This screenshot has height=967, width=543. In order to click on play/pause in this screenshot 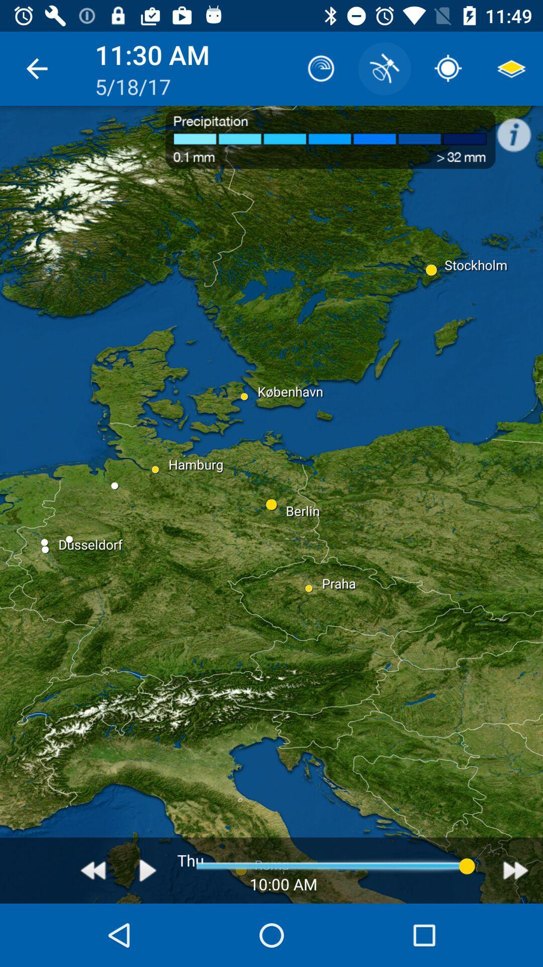, I will do `click(148, 870)`.